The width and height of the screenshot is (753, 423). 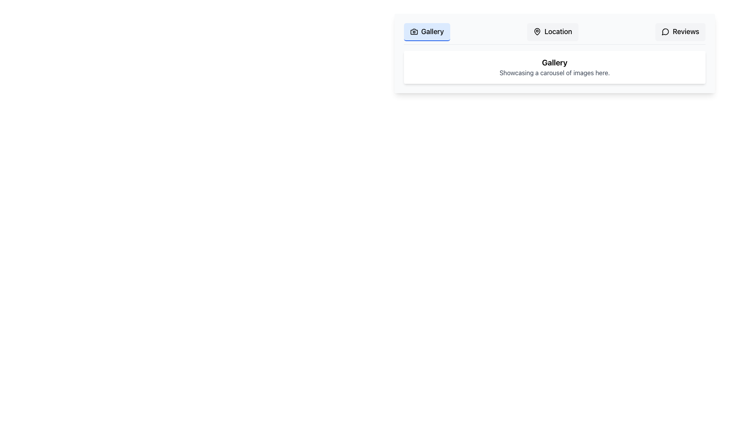 What do you see at coordinates (665, 31) in the screenshot?
I see `the speech bubble icon located to the left of the 'Reviews' text, which represents the comments or reviews feature` at bounding box center [665, 31].